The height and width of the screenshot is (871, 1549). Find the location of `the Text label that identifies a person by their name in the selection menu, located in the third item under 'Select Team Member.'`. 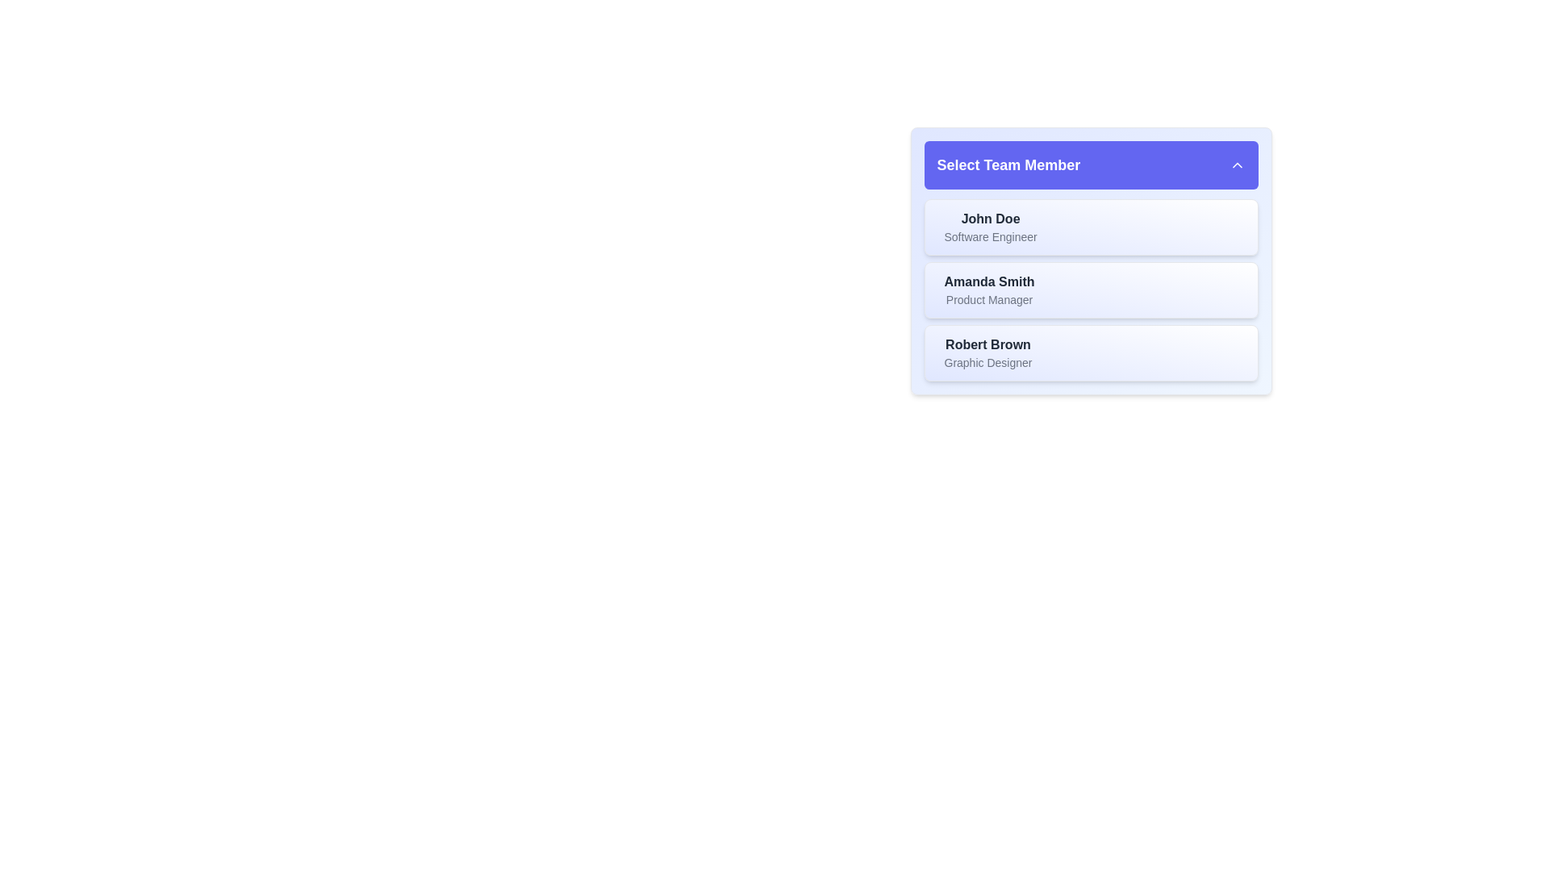

the Text label that identifies a person by their name in the selection menu, located in the third item under 'Select Team Member.' is located at coordinates (987, 344).